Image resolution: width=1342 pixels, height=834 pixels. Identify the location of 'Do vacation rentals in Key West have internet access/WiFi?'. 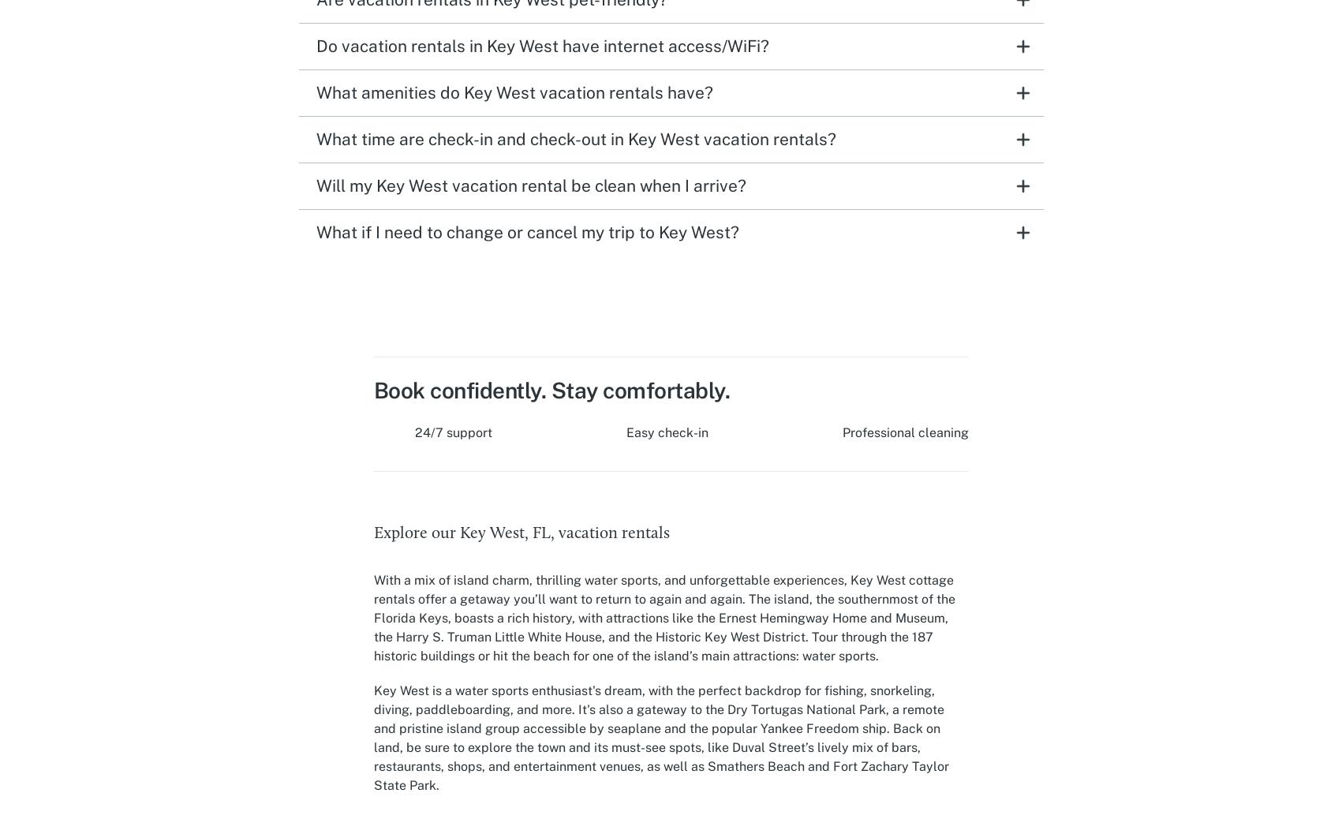
(315, 45).